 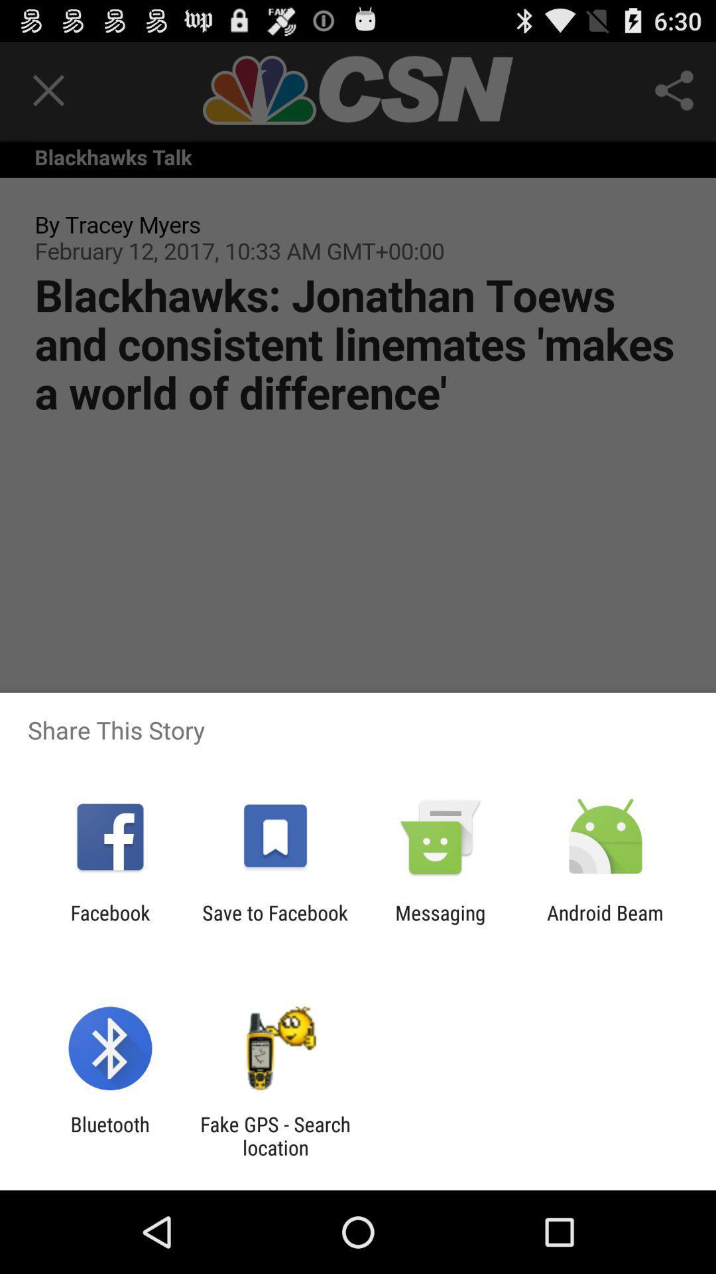 I want to click on the icon next to android beam, so click(x=440, y=924).